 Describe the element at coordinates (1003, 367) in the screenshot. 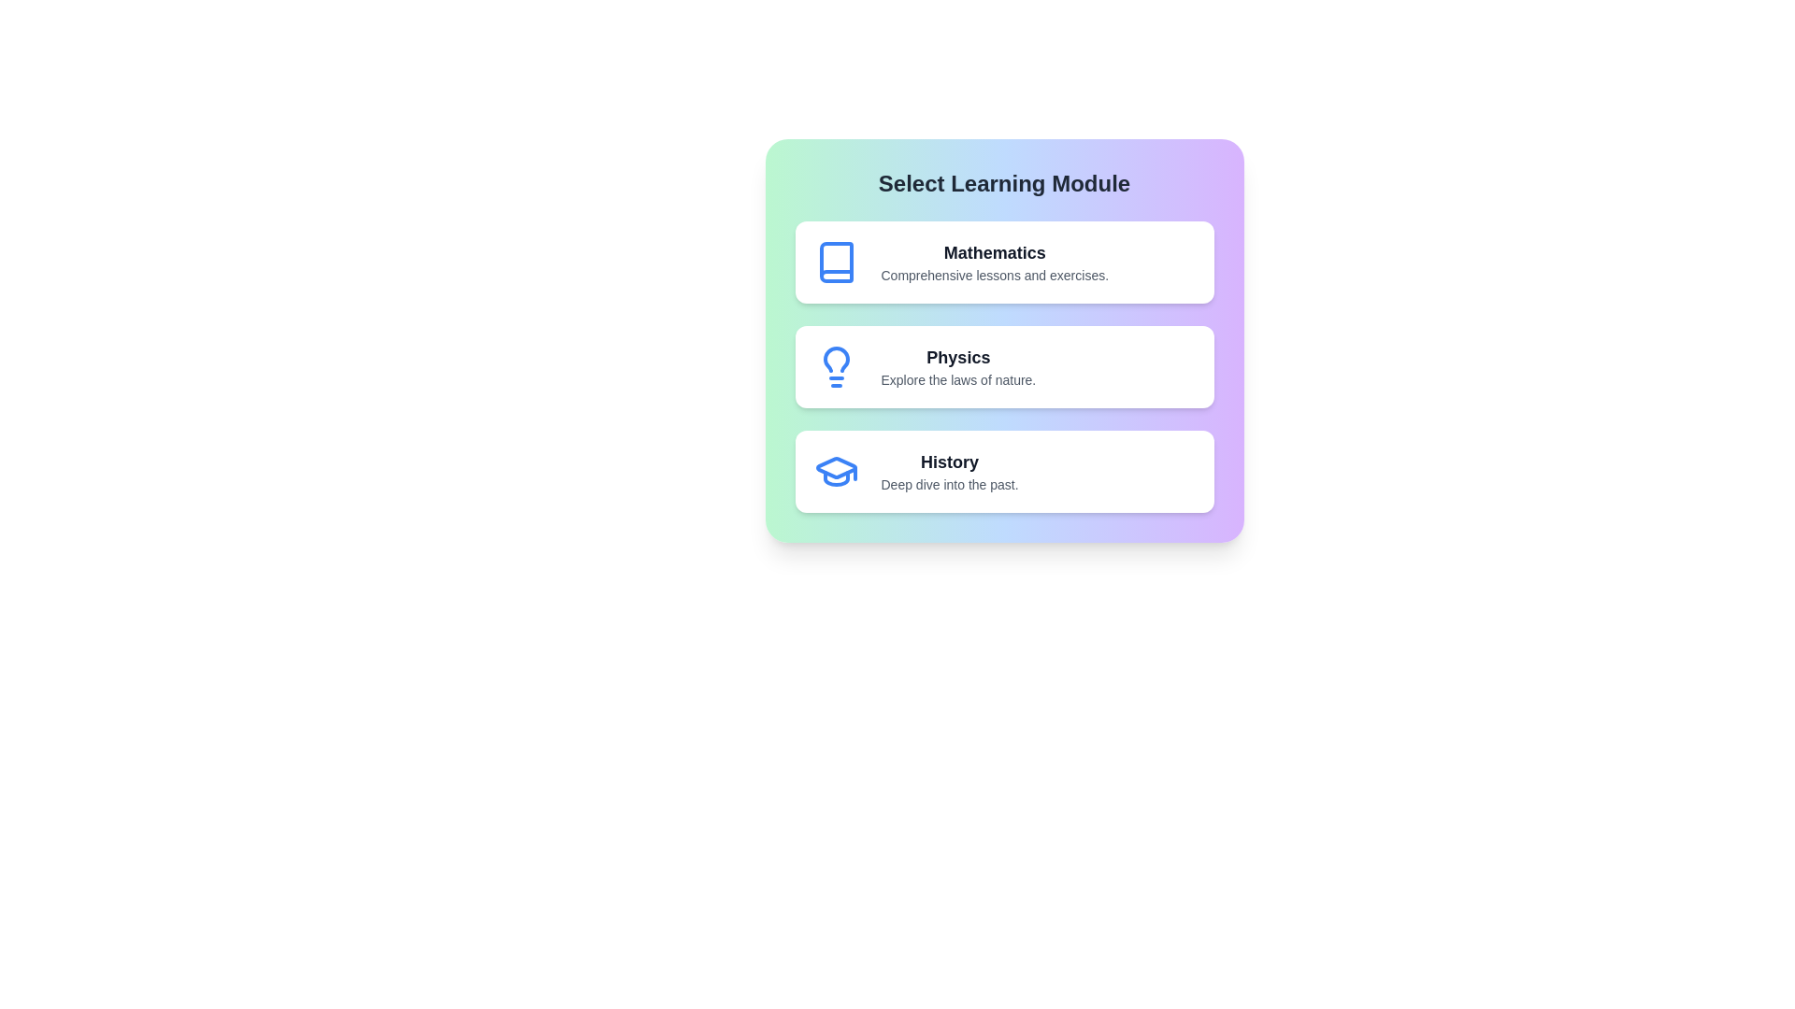

I see `the Physics module to see the hover effect` at that location.